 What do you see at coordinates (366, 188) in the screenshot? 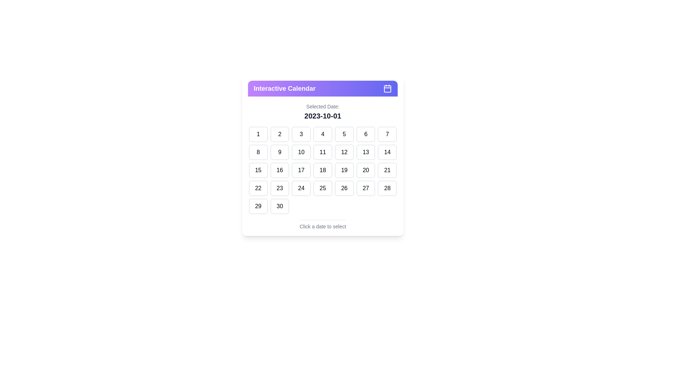
I see `the rectangular button displaying the text '27'` at bounding box center [366, 188].